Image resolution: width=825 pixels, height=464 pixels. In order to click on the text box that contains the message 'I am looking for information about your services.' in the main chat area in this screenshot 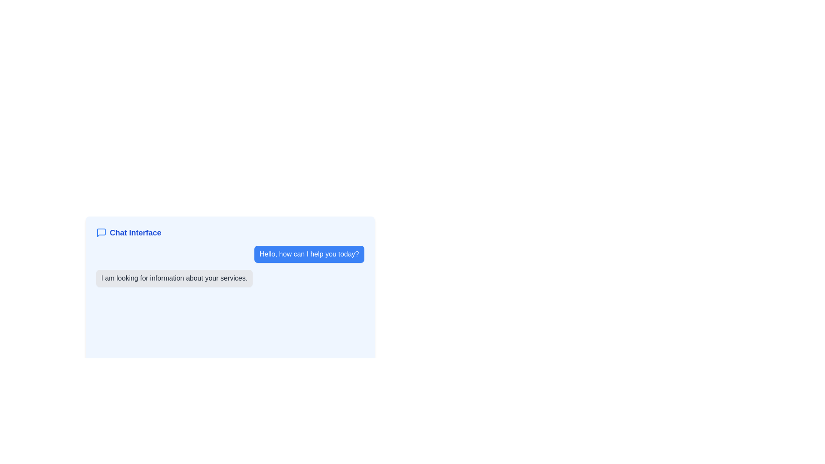, I will do `click(230, 278)`.